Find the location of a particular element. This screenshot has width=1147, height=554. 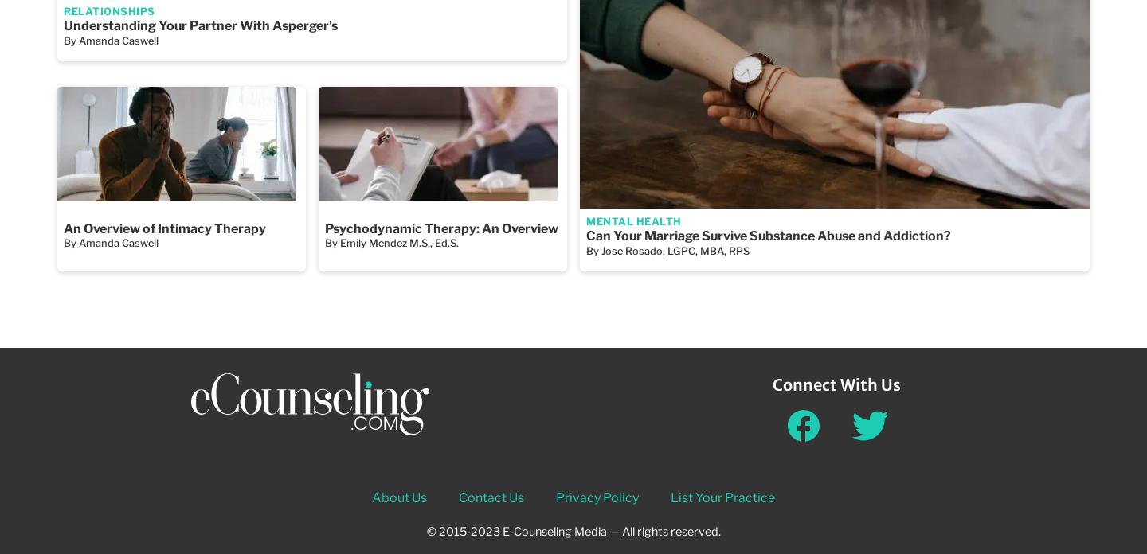

'An Overview of Intimacy Therapy' is located at coordinates (164, 227).